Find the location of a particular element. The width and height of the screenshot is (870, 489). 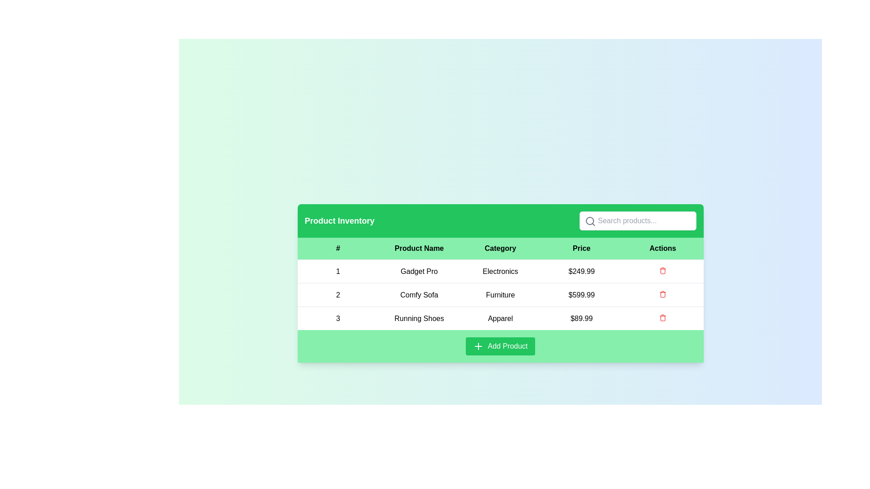

the '#' character in the green-colored header cell of the table, which is the first element in the header row is located at coordinates (338, 249).